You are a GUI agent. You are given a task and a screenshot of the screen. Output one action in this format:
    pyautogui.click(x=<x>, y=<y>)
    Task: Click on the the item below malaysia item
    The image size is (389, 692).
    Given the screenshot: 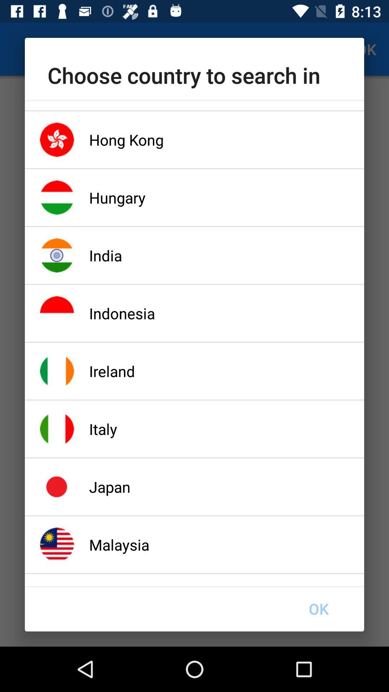 What is the action you would take?
    pyautogui.click(x=318, y=608)
    